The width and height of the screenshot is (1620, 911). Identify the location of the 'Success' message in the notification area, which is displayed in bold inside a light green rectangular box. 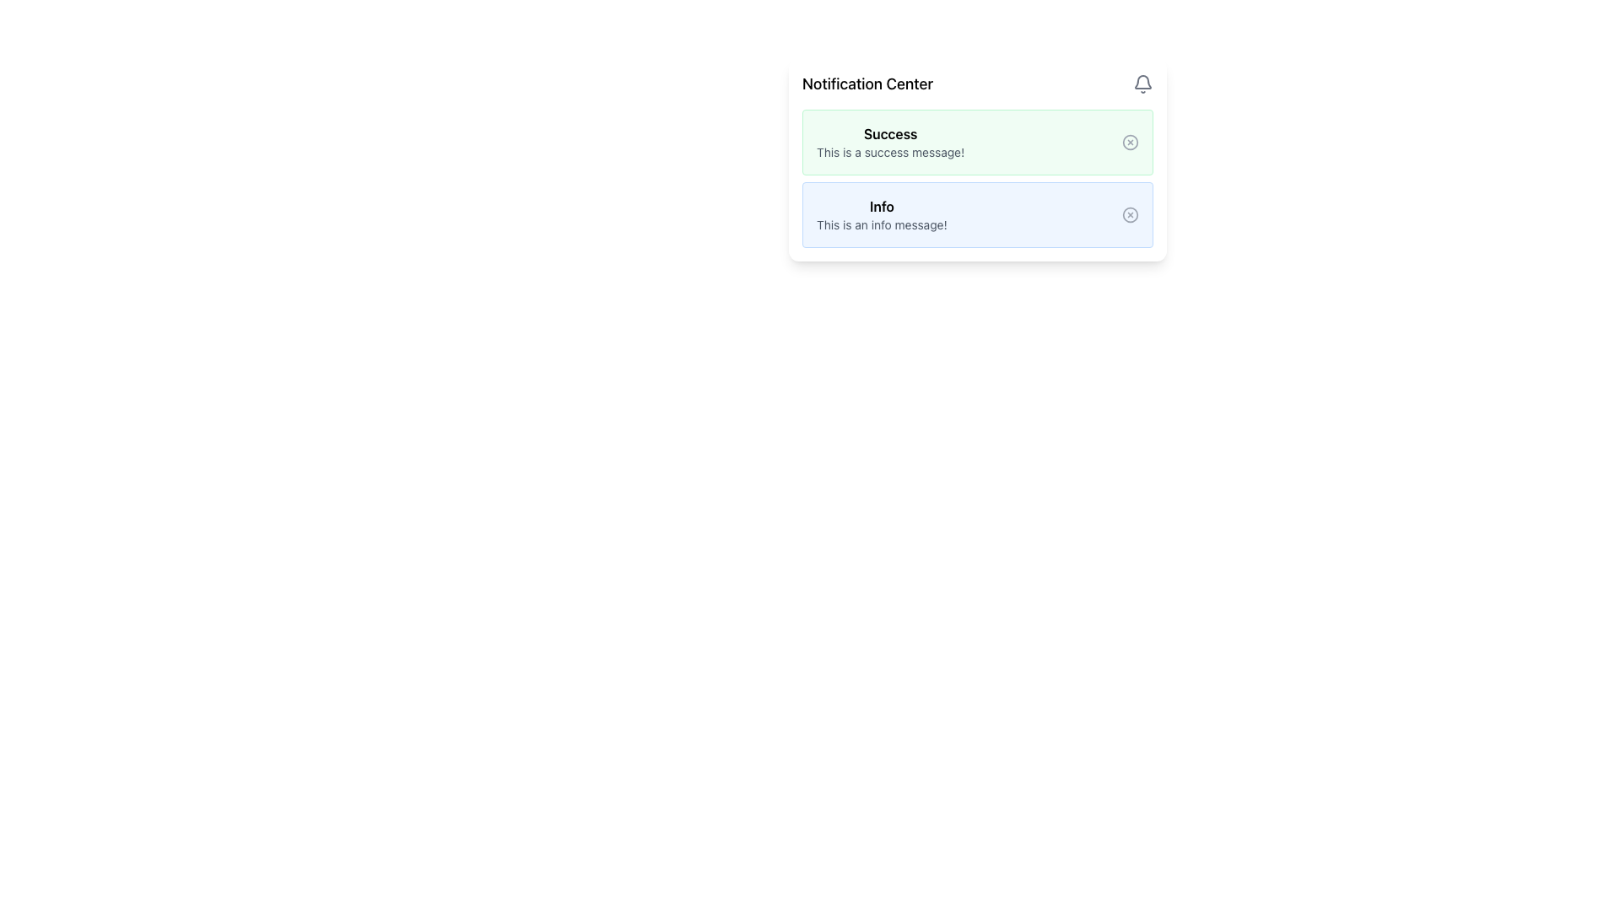
(889, 142).